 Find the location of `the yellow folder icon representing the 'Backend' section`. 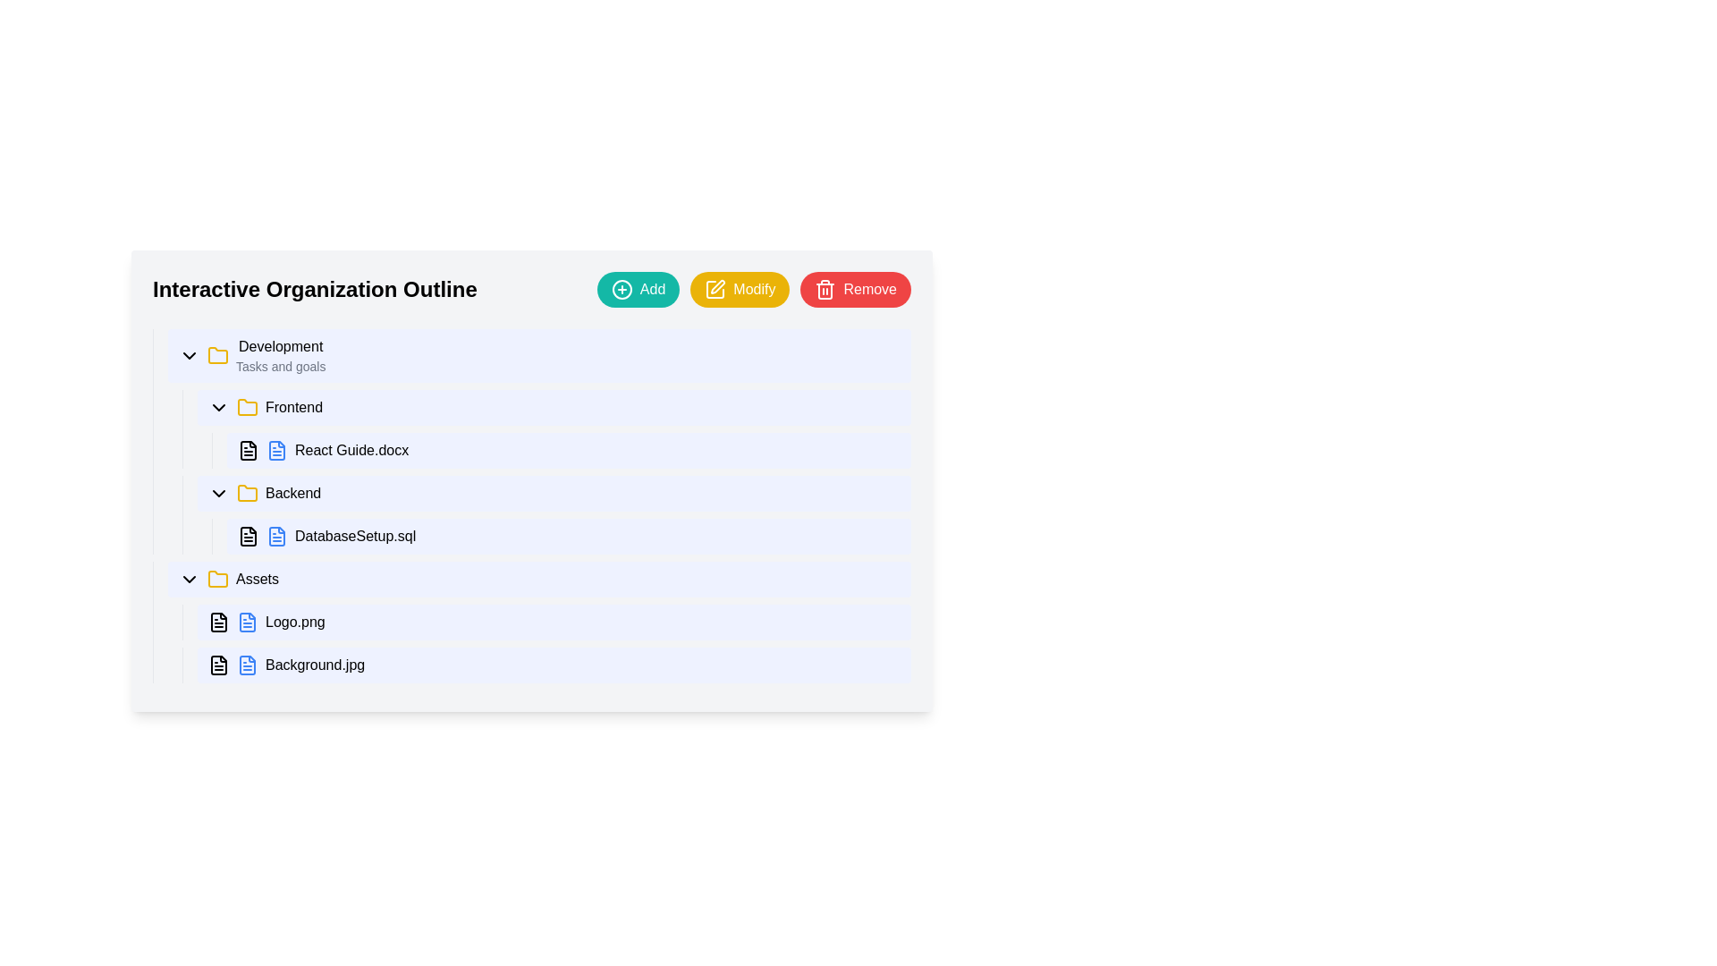

the yellow folder icon representing the 'Backend' section is located at coordinates (247, 493).